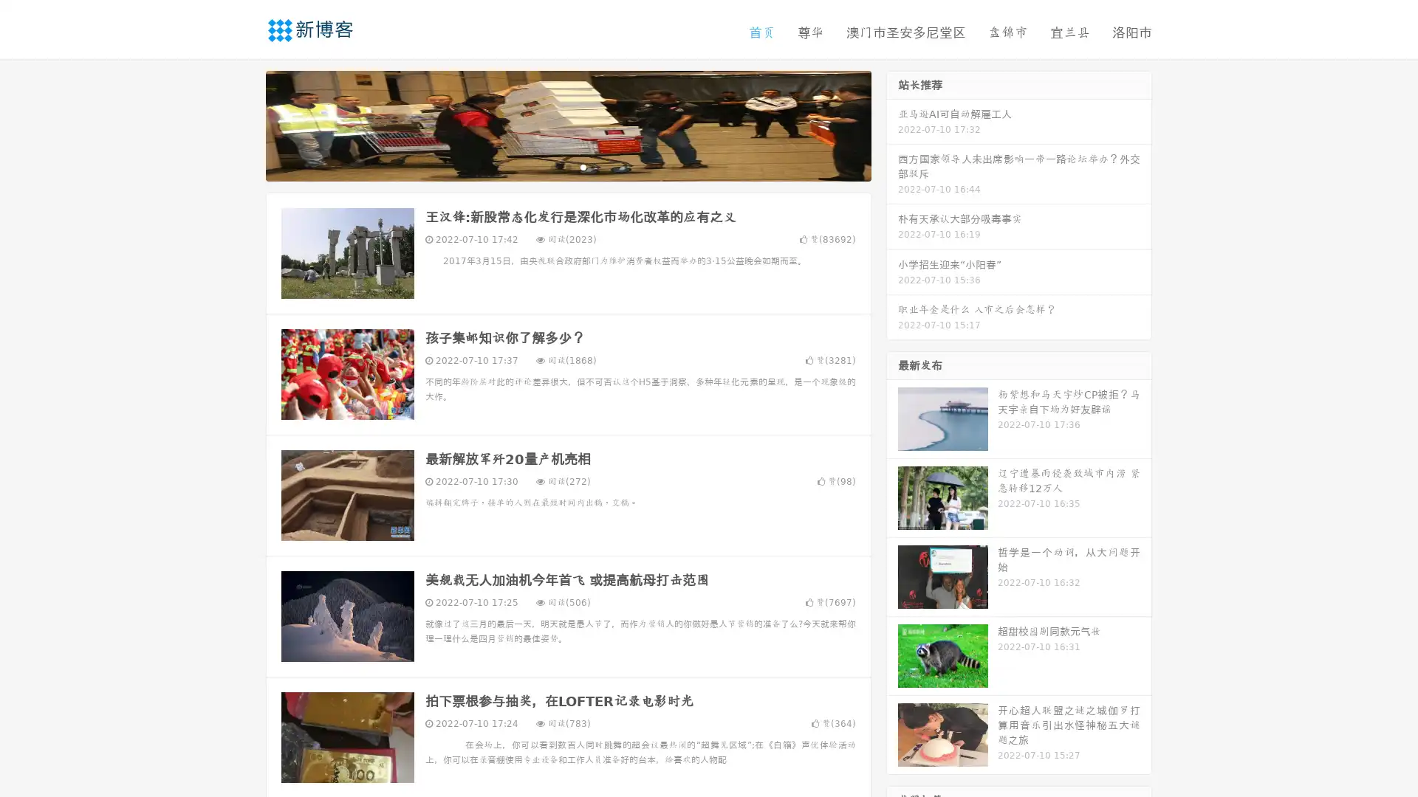 The height and width of the screenshot is (797, 1418). I want to click on Next slide, so click(892, 124).